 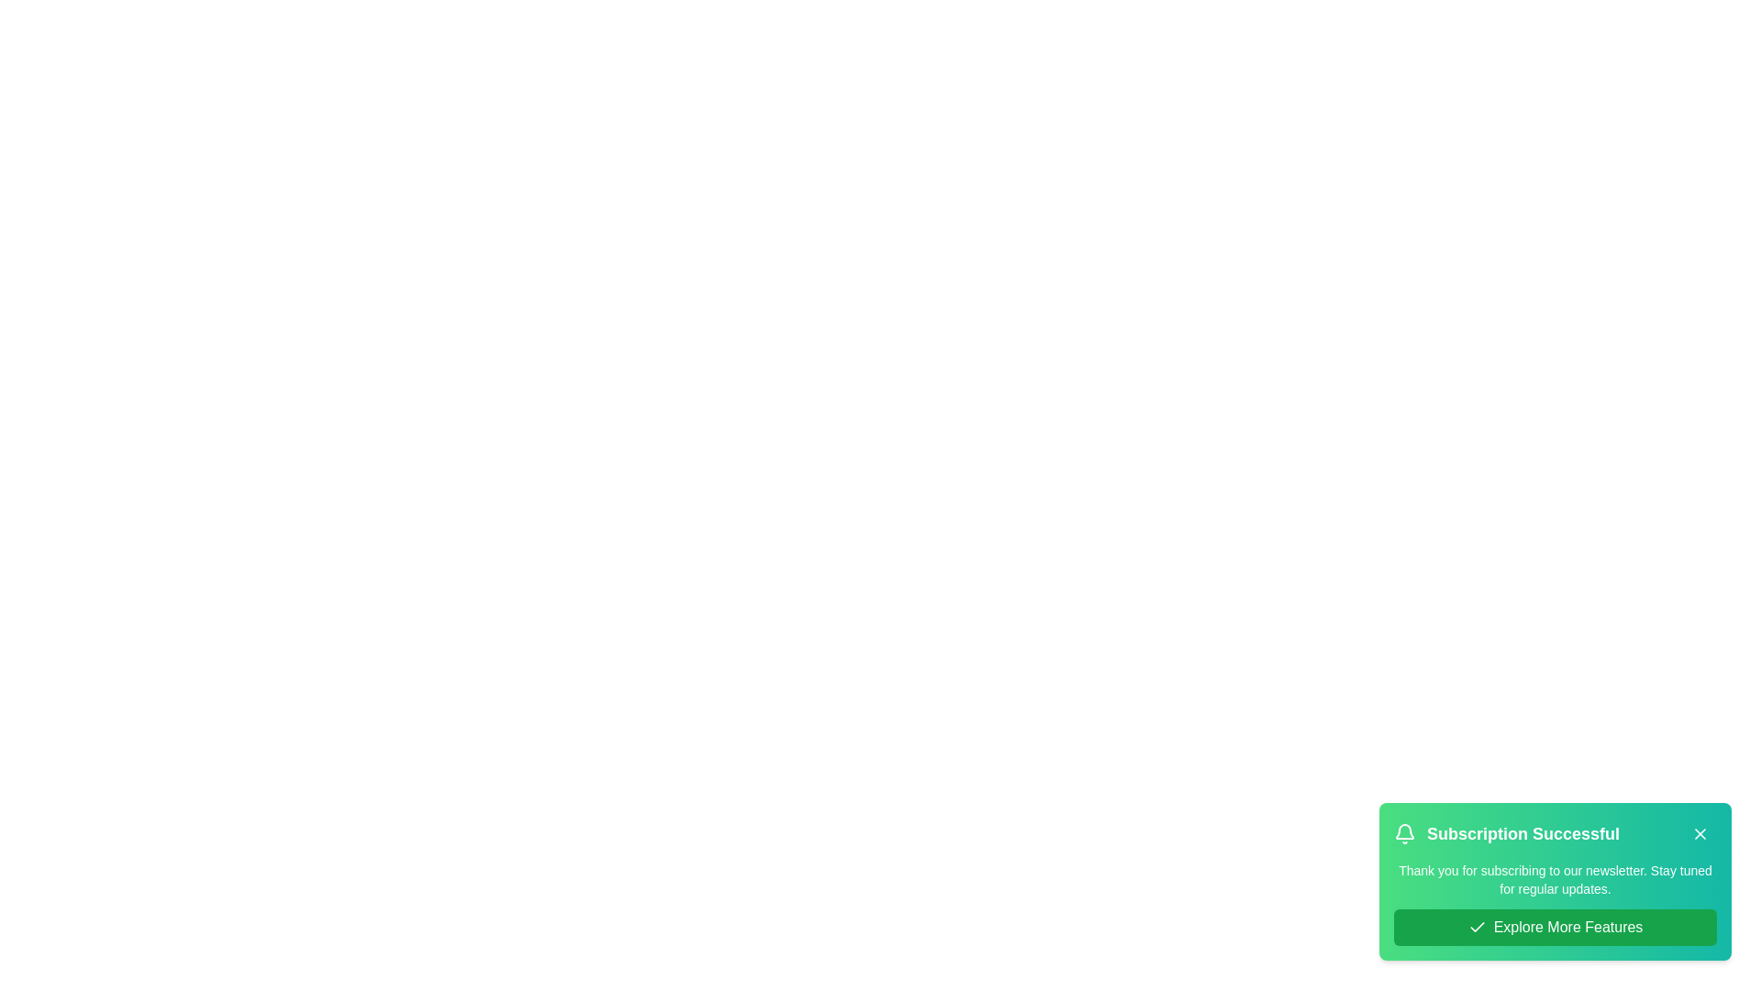 I want to click on the 'X' button to dismiss the notification, so click(x=1699, y=834).